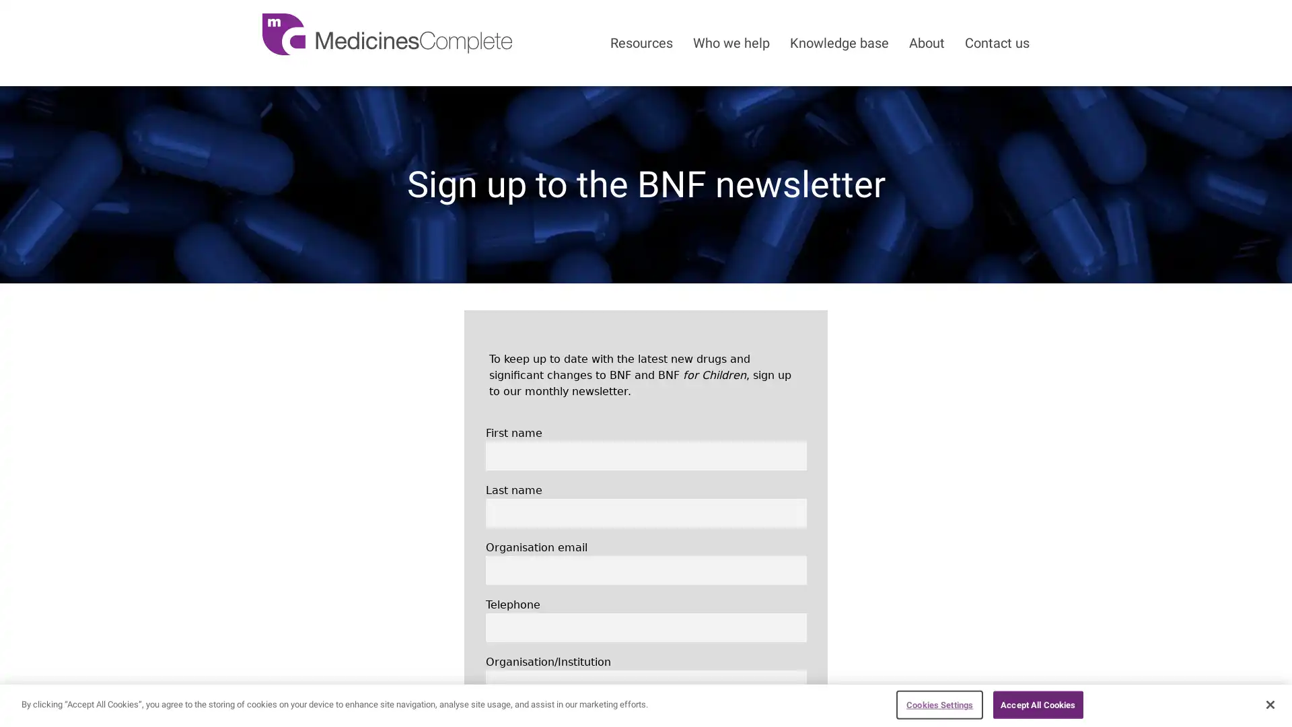 The width and height of the screenshot is (1292, 727). What do you see at coordinates (1269, 703) in the screenshot?
I see `Close` at bounding box center [1269, 703].